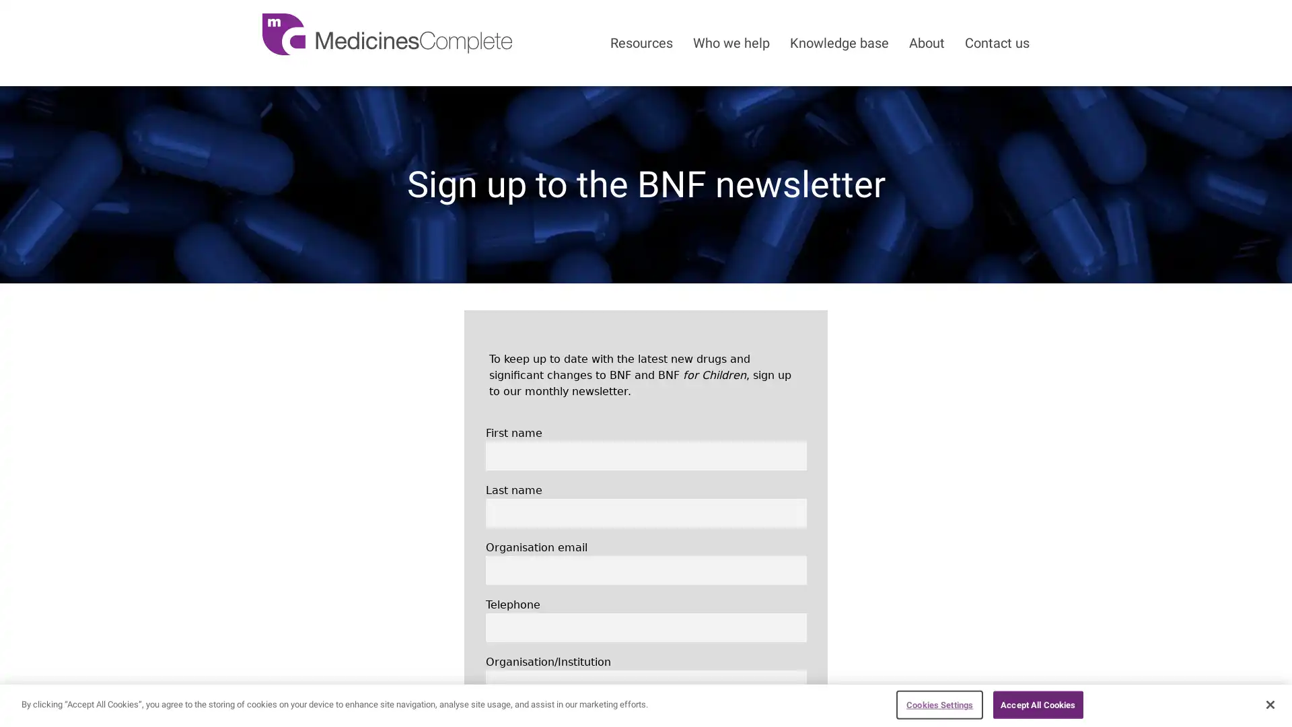 The width and height of the screenshot is (1292, 727). What do you see at coordinates (1269, 703) in the screenshot?
I see `Close` at bounding box center [1269, 703].